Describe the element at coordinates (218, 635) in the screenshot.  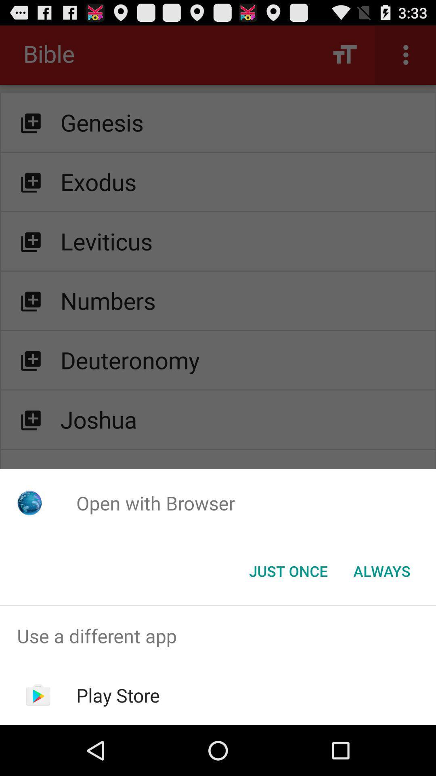
I see `the icon above the play store app` at that location.